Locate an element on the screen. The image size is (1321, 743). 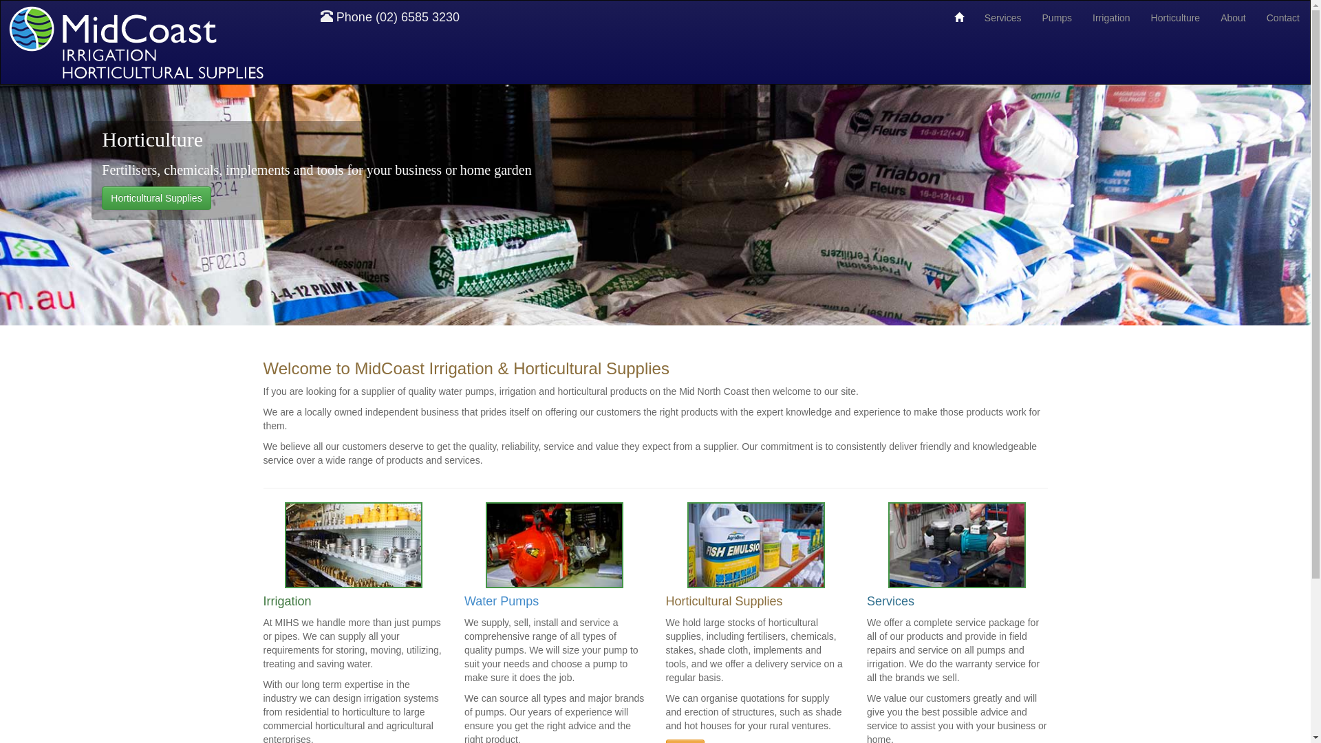
'Irrigation' is located at coordinates (1082, 18).